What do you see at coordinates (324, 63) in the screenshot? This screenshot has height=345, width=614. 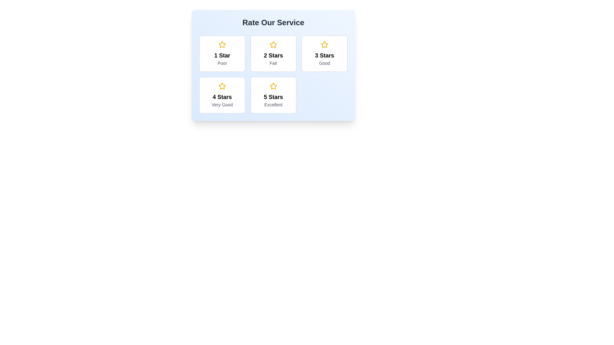 I see `the static text element displaying the word 'Good' located beneath the heading '3 Stars' in the rating section` at bounding box center [324, 63].